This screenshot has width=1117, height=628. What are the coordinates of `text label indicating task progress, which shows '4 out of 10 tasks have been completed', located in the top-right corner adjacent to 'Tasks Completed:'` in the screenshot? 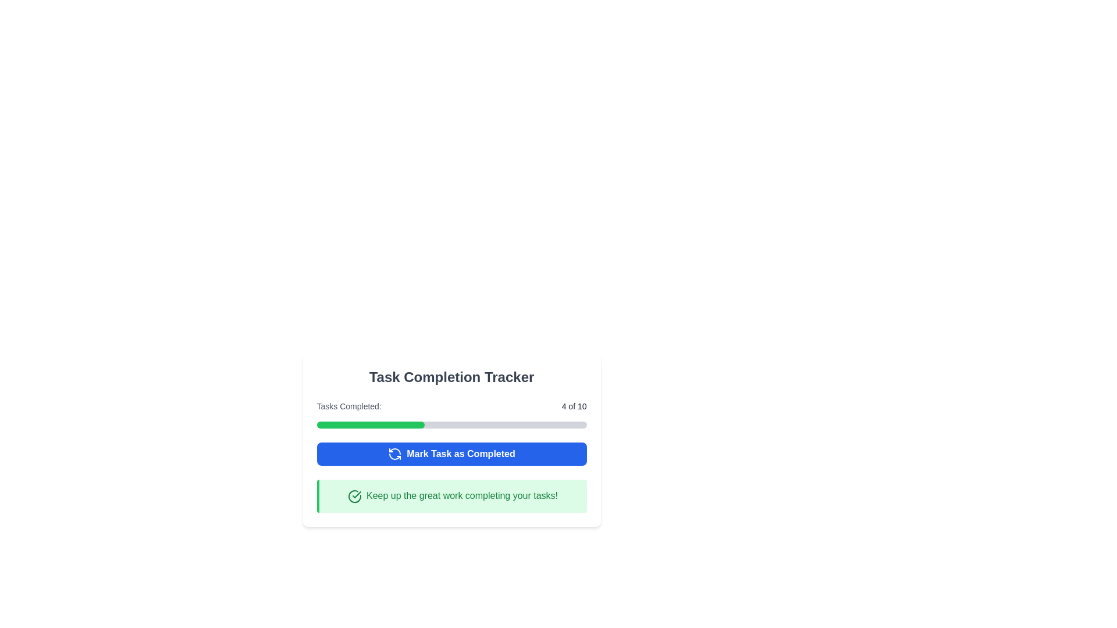 It's located at (574, 405).